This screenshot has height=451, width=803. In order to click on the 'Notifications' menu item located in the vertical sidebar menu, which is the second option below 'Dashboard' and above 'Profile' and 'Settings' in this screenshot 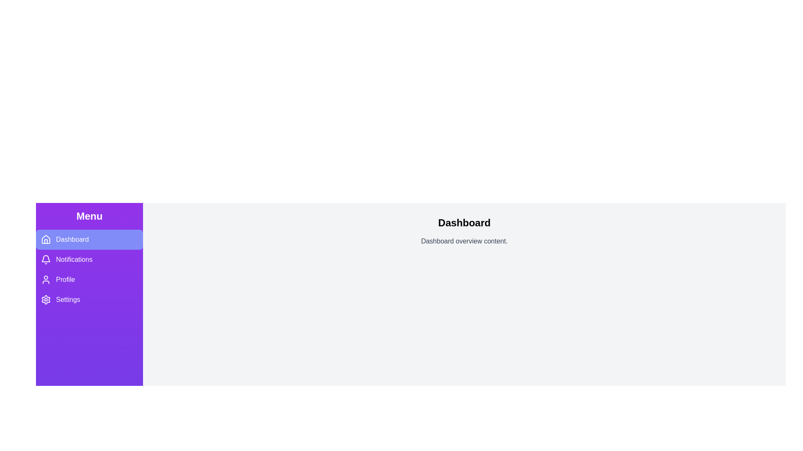, I will do `click(90, 269)`.